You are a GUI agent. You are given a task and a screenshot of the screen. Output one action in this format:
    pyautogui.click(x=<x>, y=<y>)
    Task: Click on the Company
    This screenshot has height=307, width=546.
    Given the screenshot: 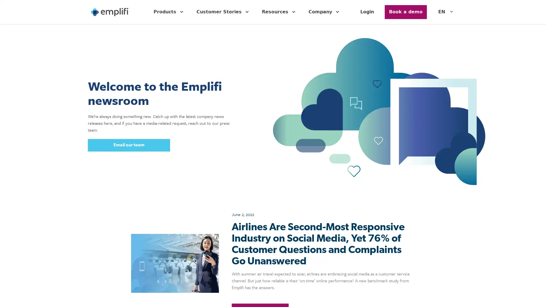 What is the action you would take?
    pyautogui.click(x=325, y=12)
    